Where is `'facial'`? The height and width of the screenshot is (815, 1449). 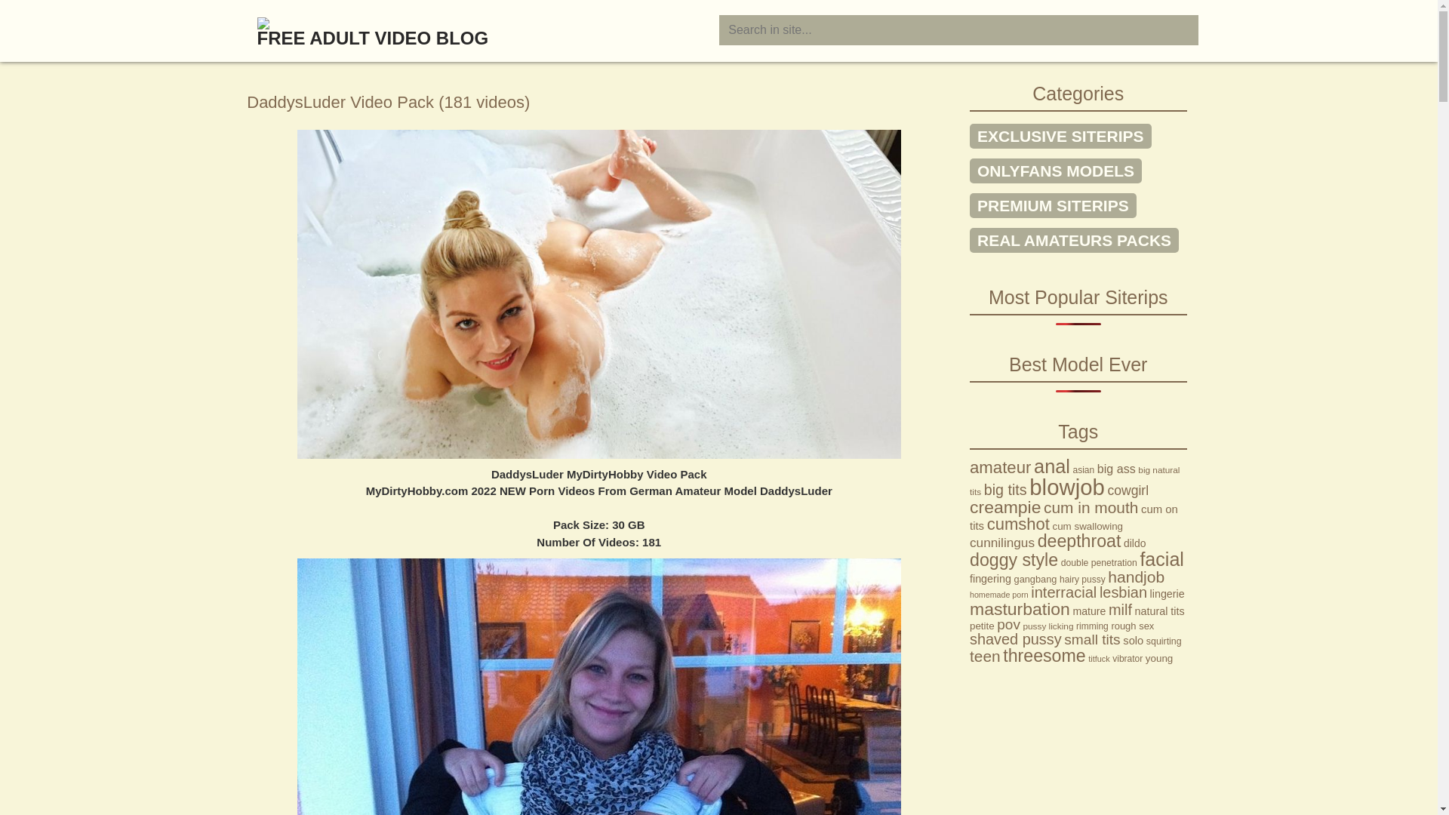 'facial' is located at coordinates (1161, 558).